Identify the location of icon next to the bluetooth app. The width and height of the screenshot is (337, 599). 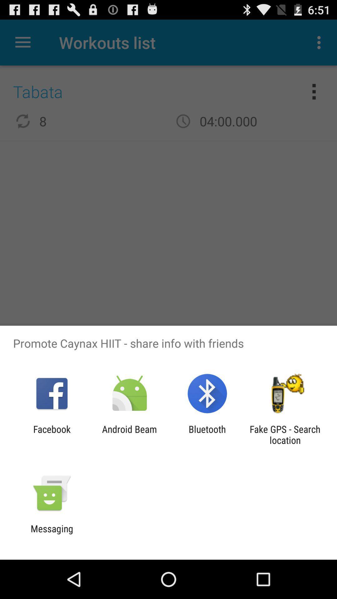
(129, 434).